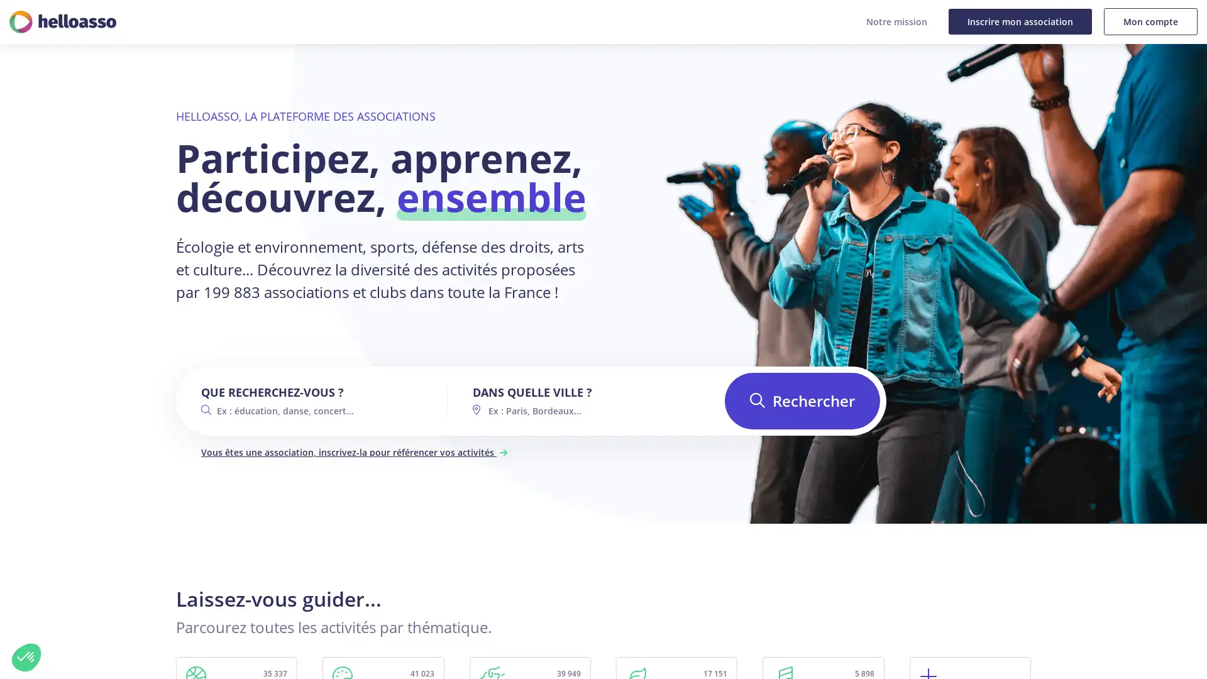  What do you see at coordinates (144, 593) in the screenshot?
I see `Consentements certifies par` at bounding box center [144, 593].